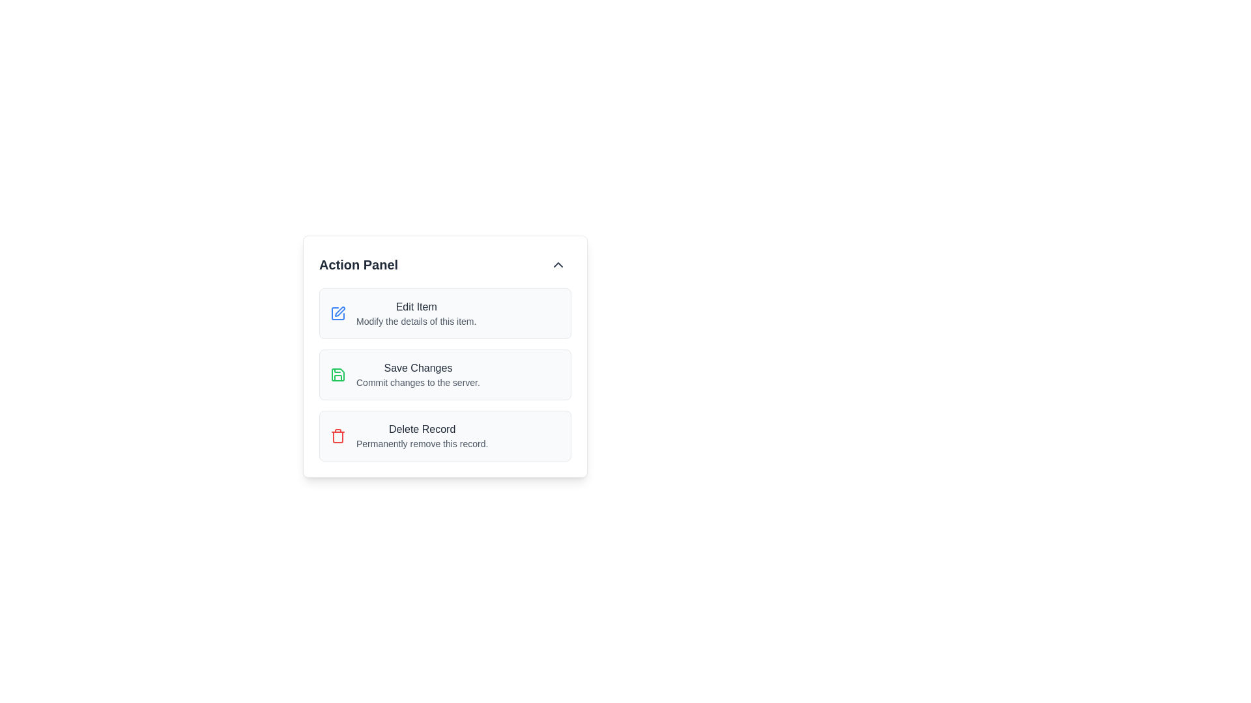  I want to click on the small upward-pointing chevron icon button located at the top-right corner of the 'Action Panel', so click(558, 264).